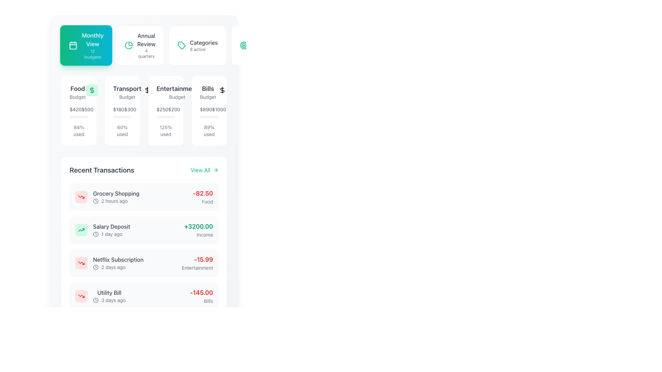 The image size is (662, 372). Describe the element at coordinates (165, 110) in the screenshot. I see `the 'Entertainment Budget' card element, which has a white background, rounded edges, and contains monetary values and a progress bar. This card is the third in a series of four cards in the 'Monthly View' section` at that location.